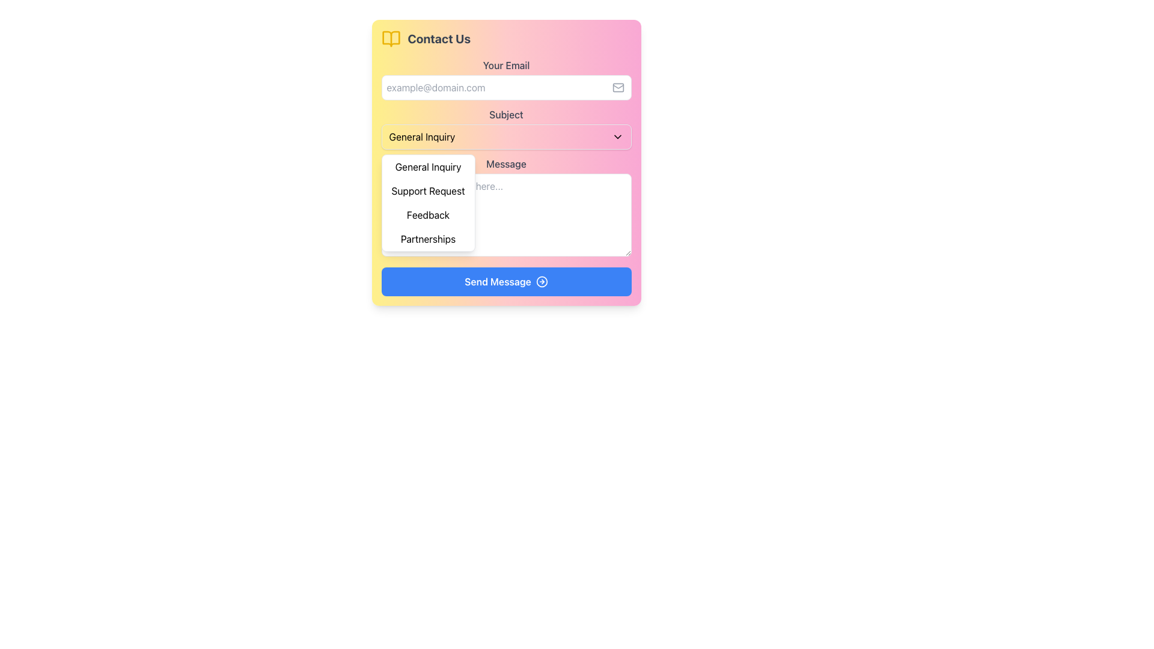 The width and height of the screenshot is (1154, 649). I want to click on the 'General Inquiry' menu item, so click(428, 166).